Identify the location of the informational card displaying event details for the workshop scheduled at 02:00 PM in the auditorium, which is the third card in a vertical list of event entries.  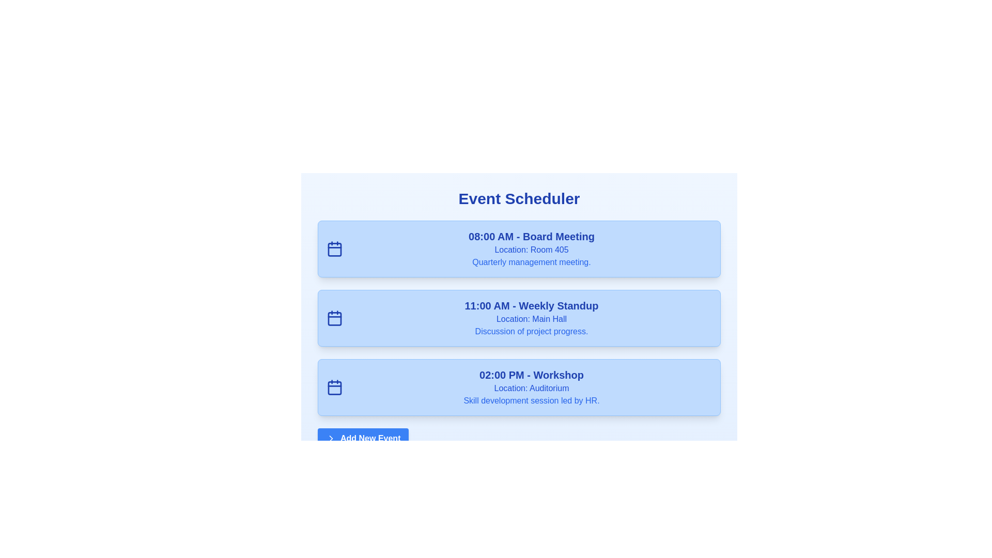
(519, 387).